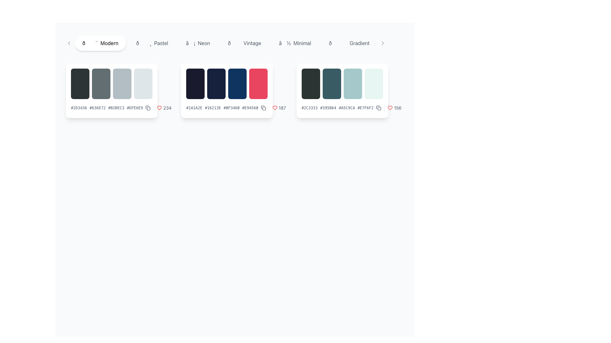  Describe the element at coordinates (143, 83) in the screenshot. I see `the rightmost rectangle in a horizontally aligned group of four rectangular components that serves as a visual indicator or part of a palette display` at that location.